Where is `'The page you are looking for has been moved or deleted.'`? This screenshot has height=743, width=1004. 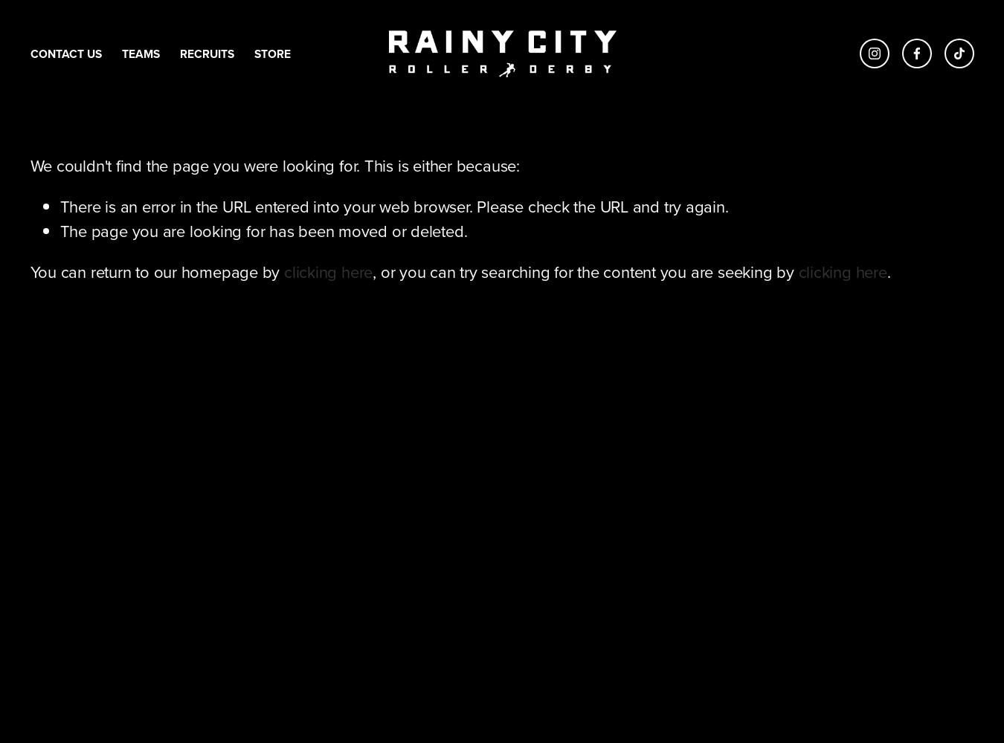
'The page you are looking for has been moved or deleted.' is located at coordinates (263, 231).